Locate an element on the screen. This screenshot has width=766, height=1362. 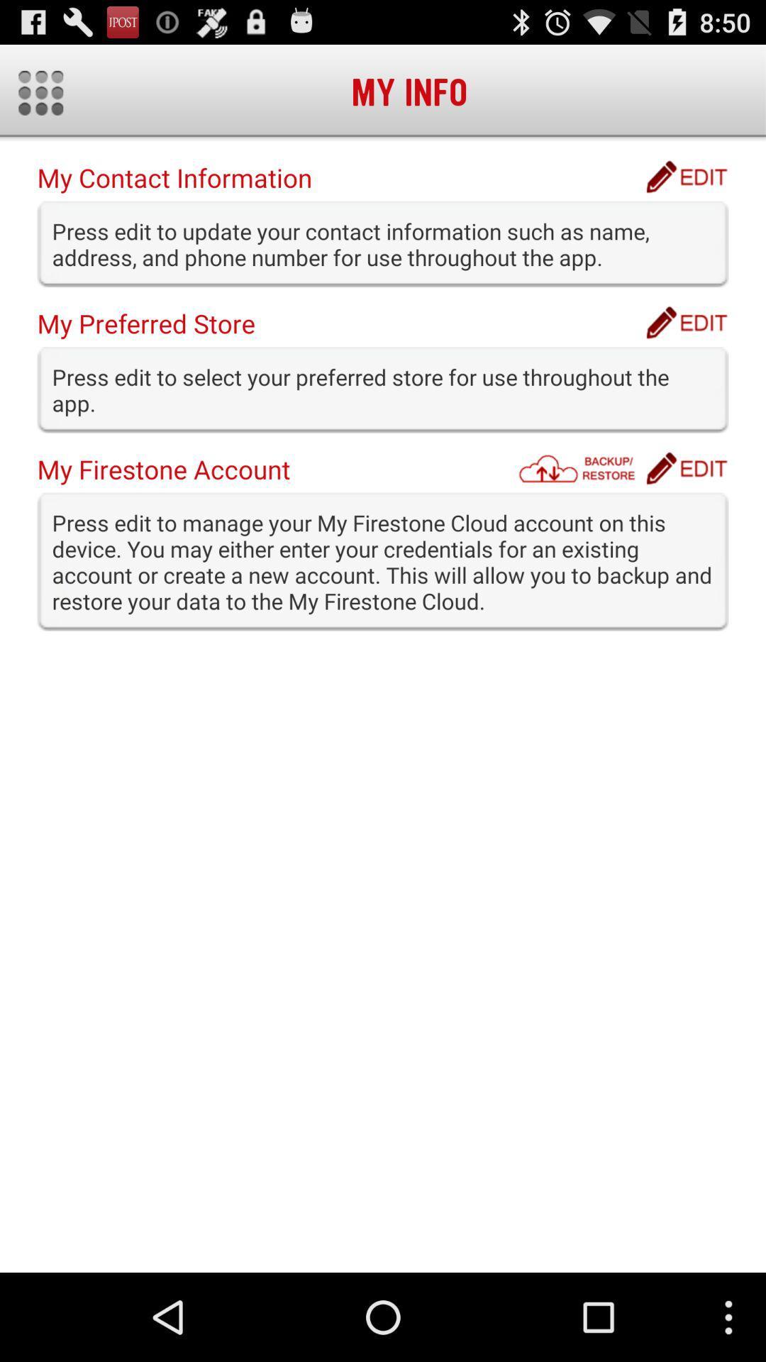
editar informaes is located at coordinates (686, 176).